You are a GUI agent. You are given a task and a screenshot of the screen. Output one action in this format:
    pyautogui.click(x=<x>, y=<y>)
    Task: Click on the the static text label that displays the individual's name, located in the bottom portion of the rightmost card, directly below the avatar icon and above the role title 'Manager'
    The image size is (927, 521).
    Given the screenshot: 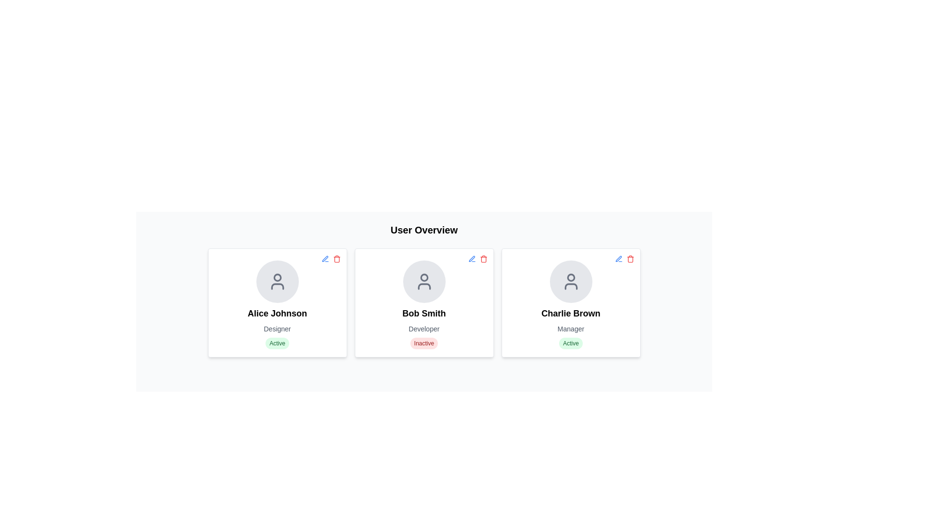 What is the action you would take?
    pyautogui.click(x=571, y=314)
    